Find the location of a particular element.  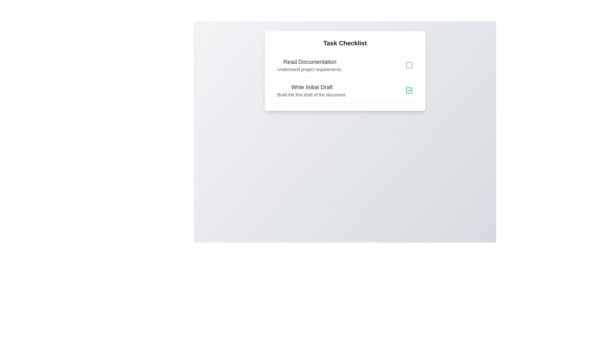

the task 'Read Documentation' is located at coordinates (310, 62).